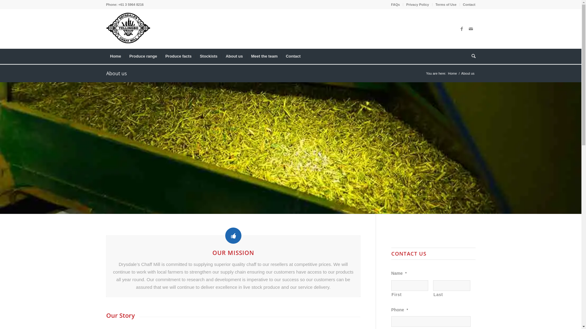 This screenshot has height=329, width=586. What do you see at coordinates (391, 5) in the screenshot?
I see `'FAQs'` at bounding box center [391, 5].